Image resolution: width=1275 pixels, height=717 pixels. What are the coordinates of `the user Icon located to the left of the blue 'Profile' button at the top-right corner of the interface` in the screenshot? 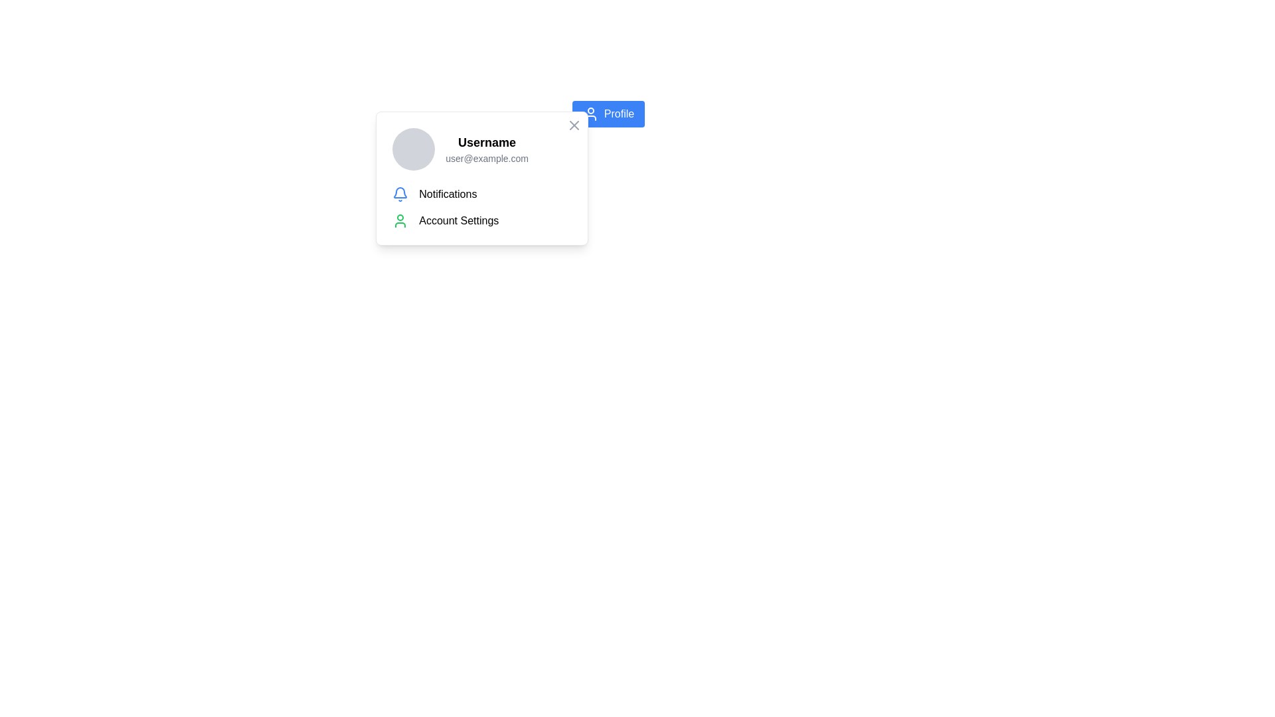 It's located at (590, 114).